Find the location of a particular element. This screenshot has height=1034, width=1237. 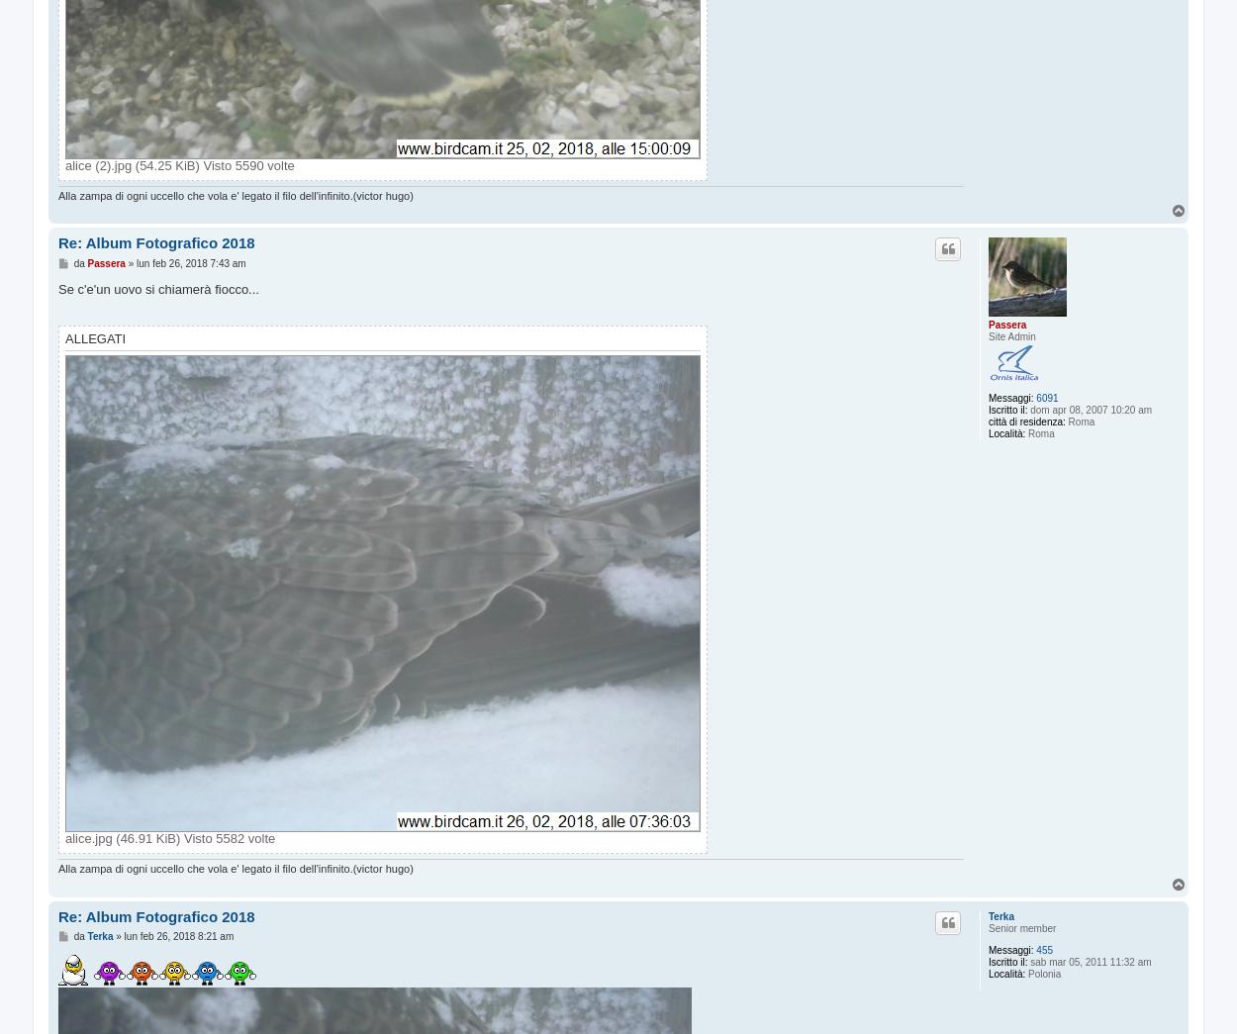

'Site Admin' is located at coordinates (988, 336).